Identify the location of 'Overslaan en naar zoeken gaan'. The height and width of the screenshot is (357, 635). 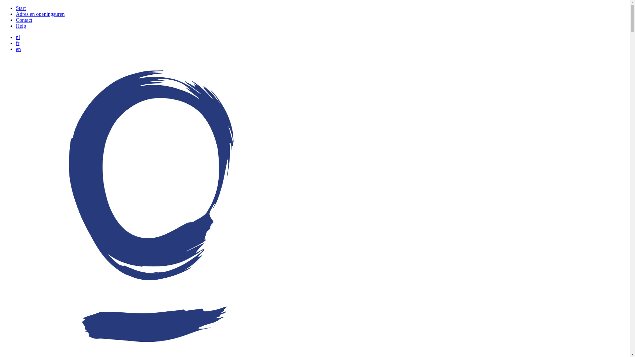
(3, 5).